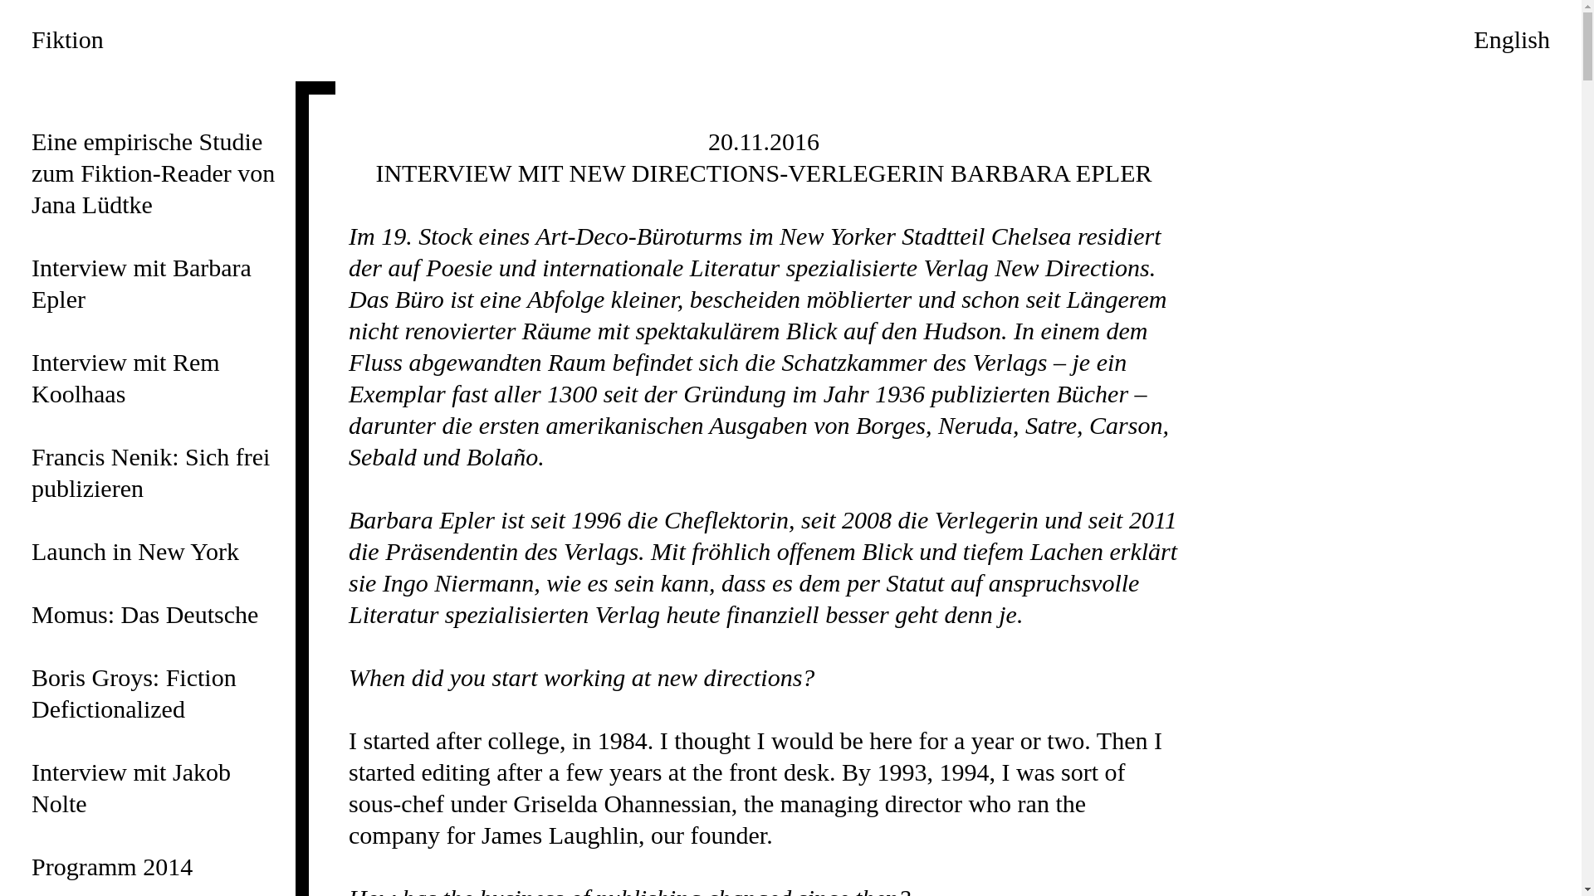 The image size is (1594, 896). Describe the element at coordinates (134, 693) in the screenshot. I see `'Boris Groys: Fiction Defictionalized'` at that location.